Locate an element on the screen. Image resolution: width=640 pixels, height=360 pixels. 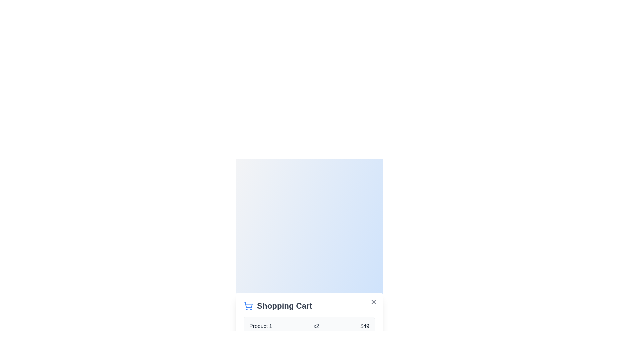
close button located at the top-right corner of the shopping cart dialog is located at coordinates (374, 302).